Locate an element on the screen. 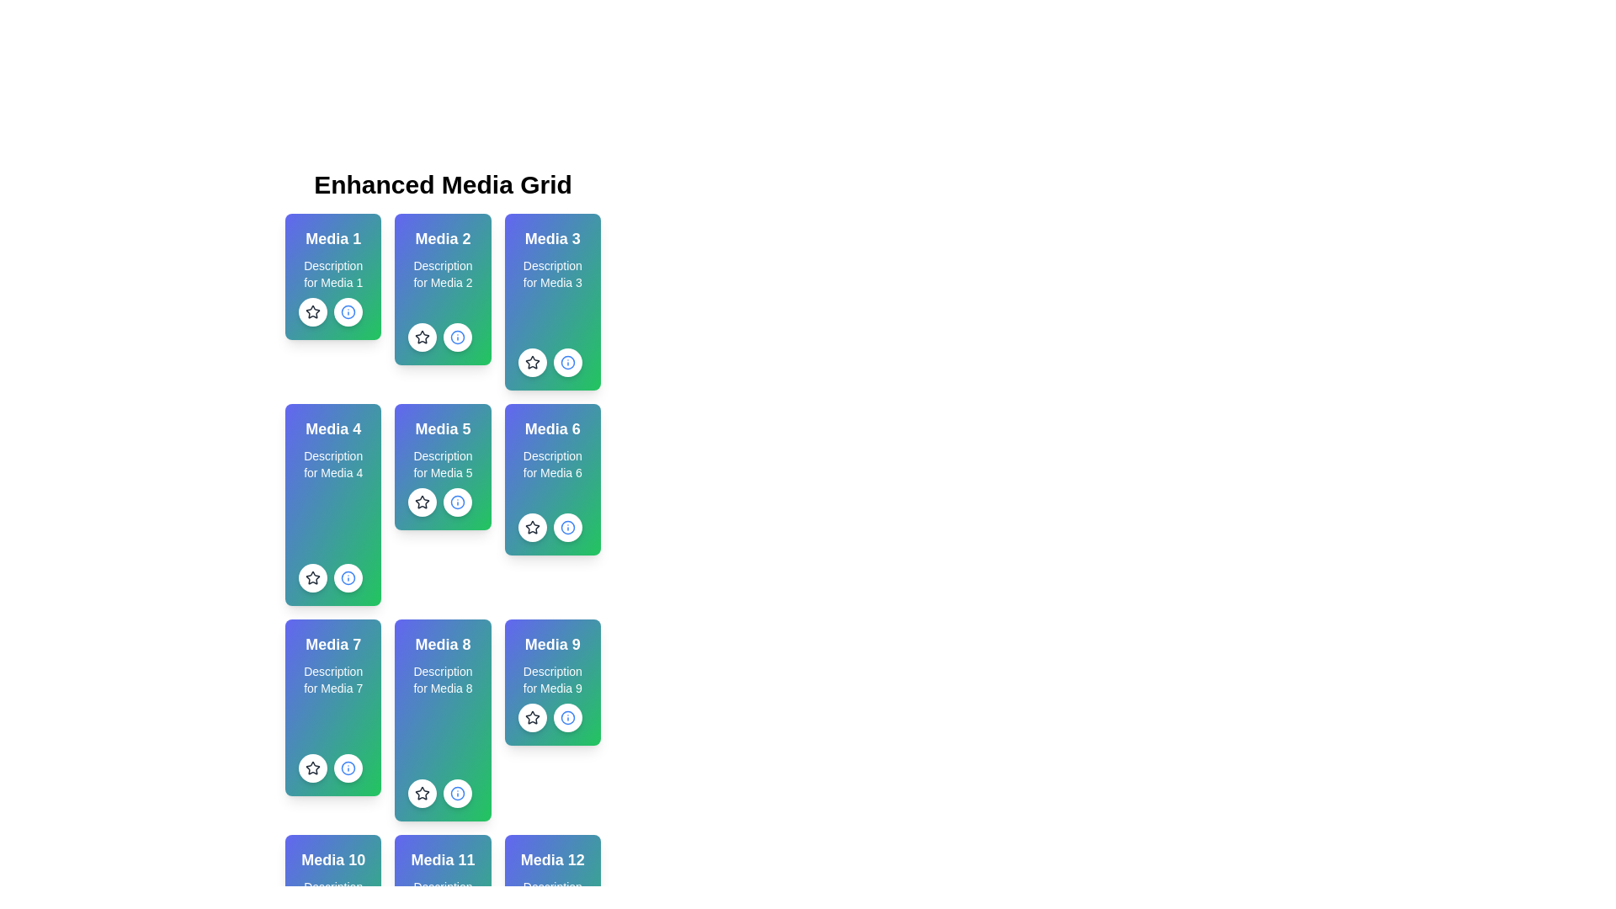  the info icon on the media card located in the second column of the top row in the media grid is located at coordinates (443, 288).